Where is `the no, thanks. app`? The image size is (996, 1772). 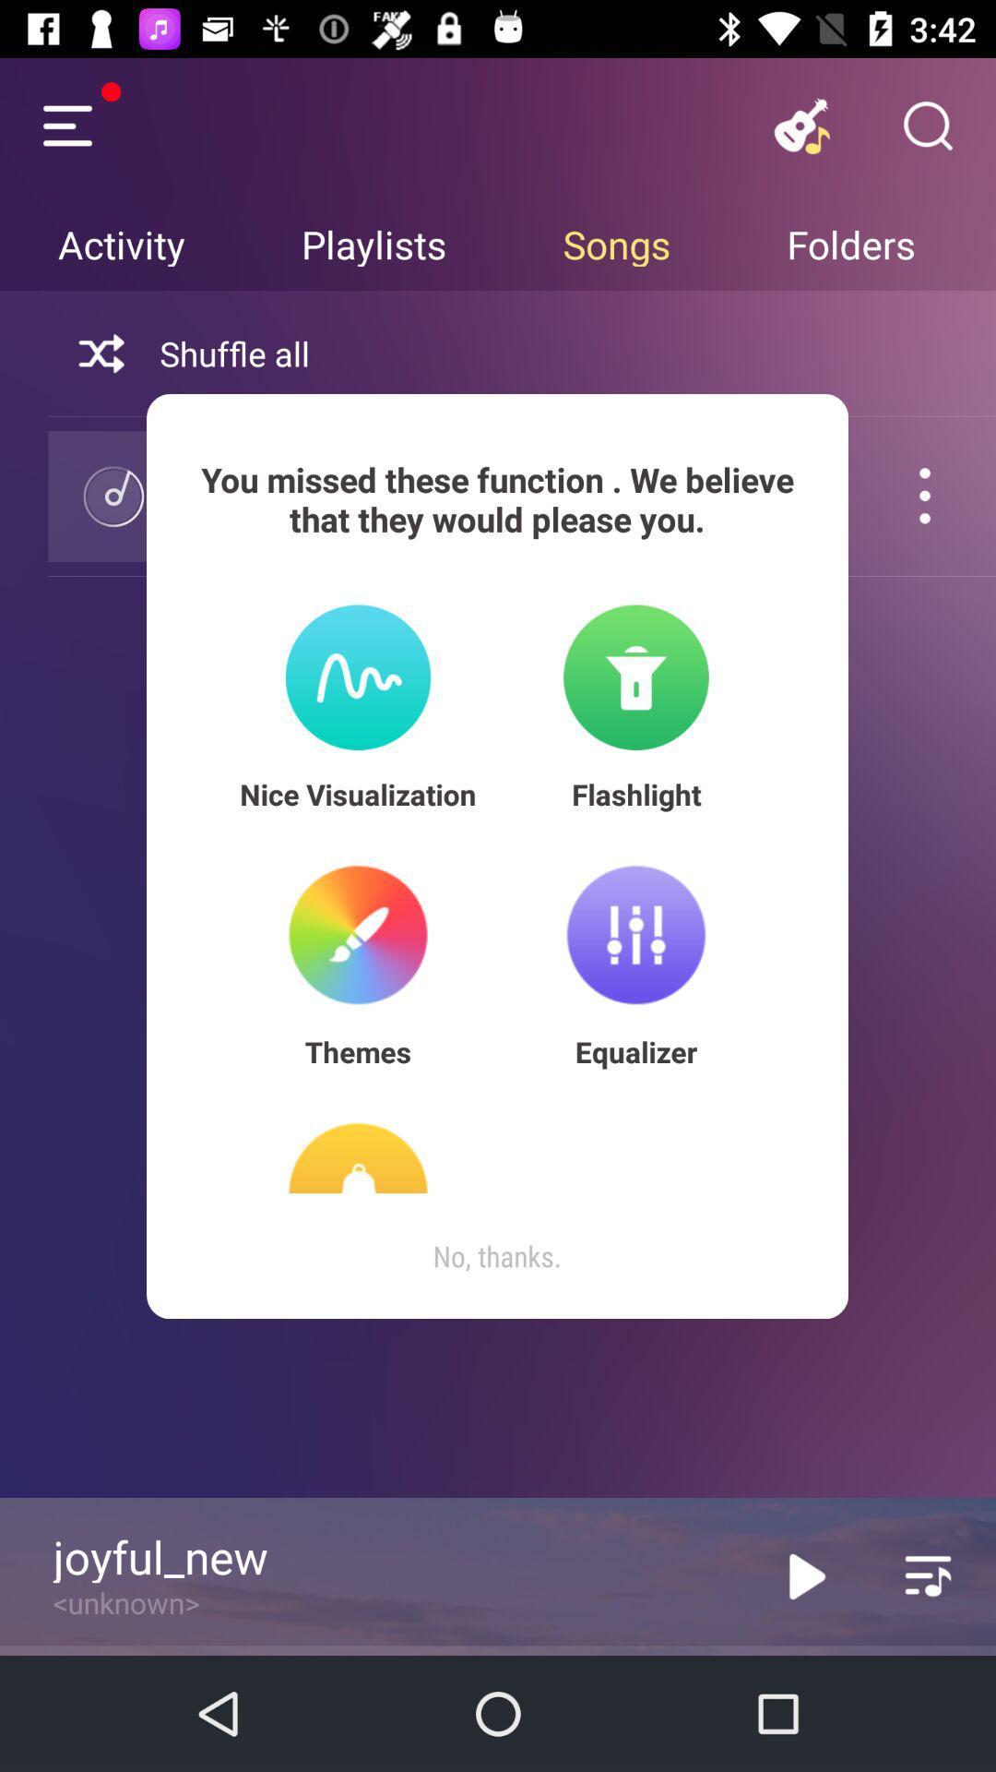
the no, thanks. app is located at coordinates (496, 1255).